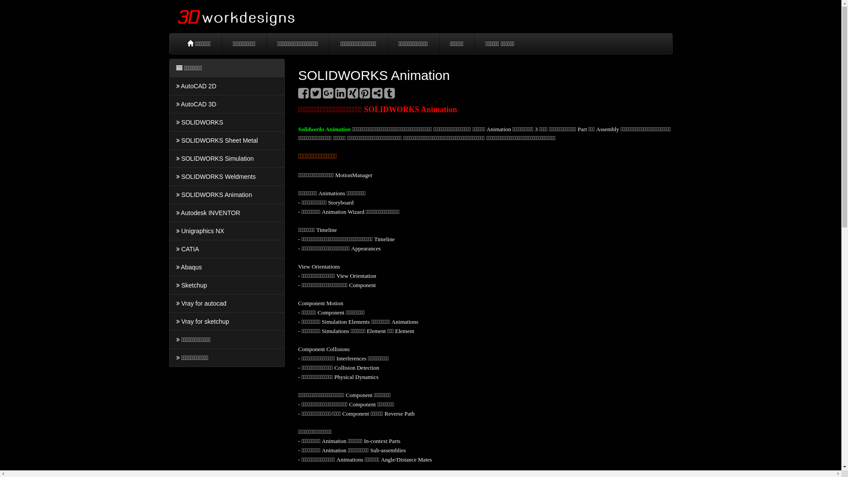  Describe the element at coordinates (227, 86) in the screenshot. I see `'AutoCAD 2D'` at that location.